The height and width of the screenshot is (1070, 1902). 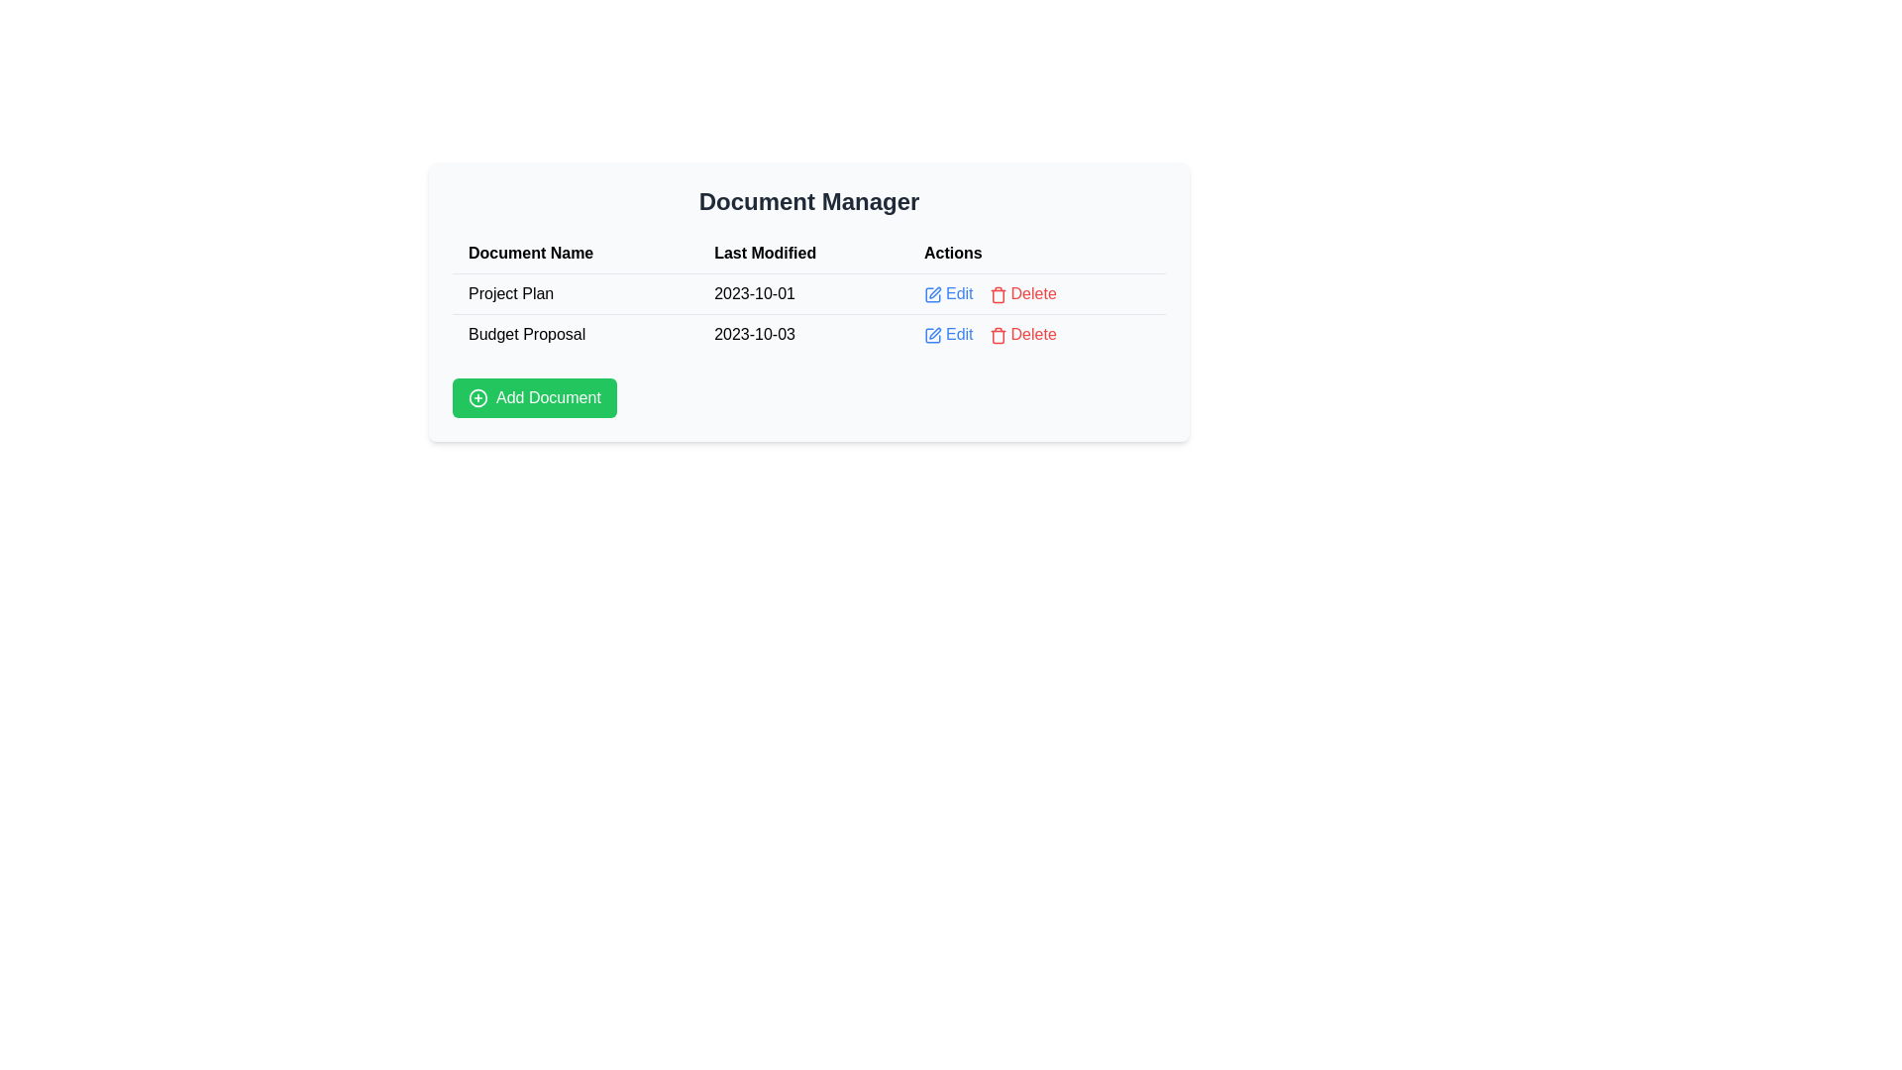 What do you see at coordinates (803, 253) in the screenshot?
I see `the 'Last Modified' column header, which is styled with a bold black font and positioned between 'Document Name' and 'Actions' in the table header` at bounding box center [803, 253].